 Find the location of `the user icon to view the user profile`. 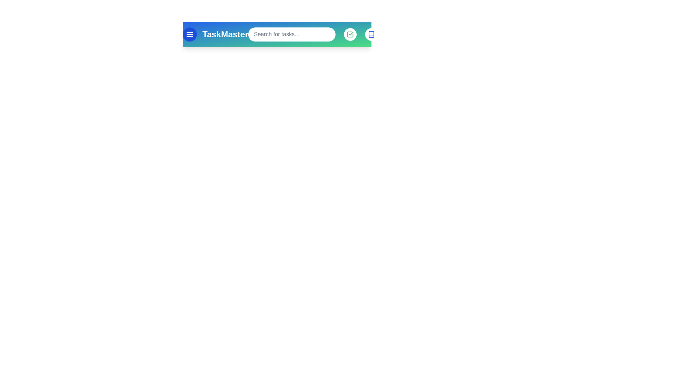

the user icon to view the user profile is located at coordinates (392, 34).